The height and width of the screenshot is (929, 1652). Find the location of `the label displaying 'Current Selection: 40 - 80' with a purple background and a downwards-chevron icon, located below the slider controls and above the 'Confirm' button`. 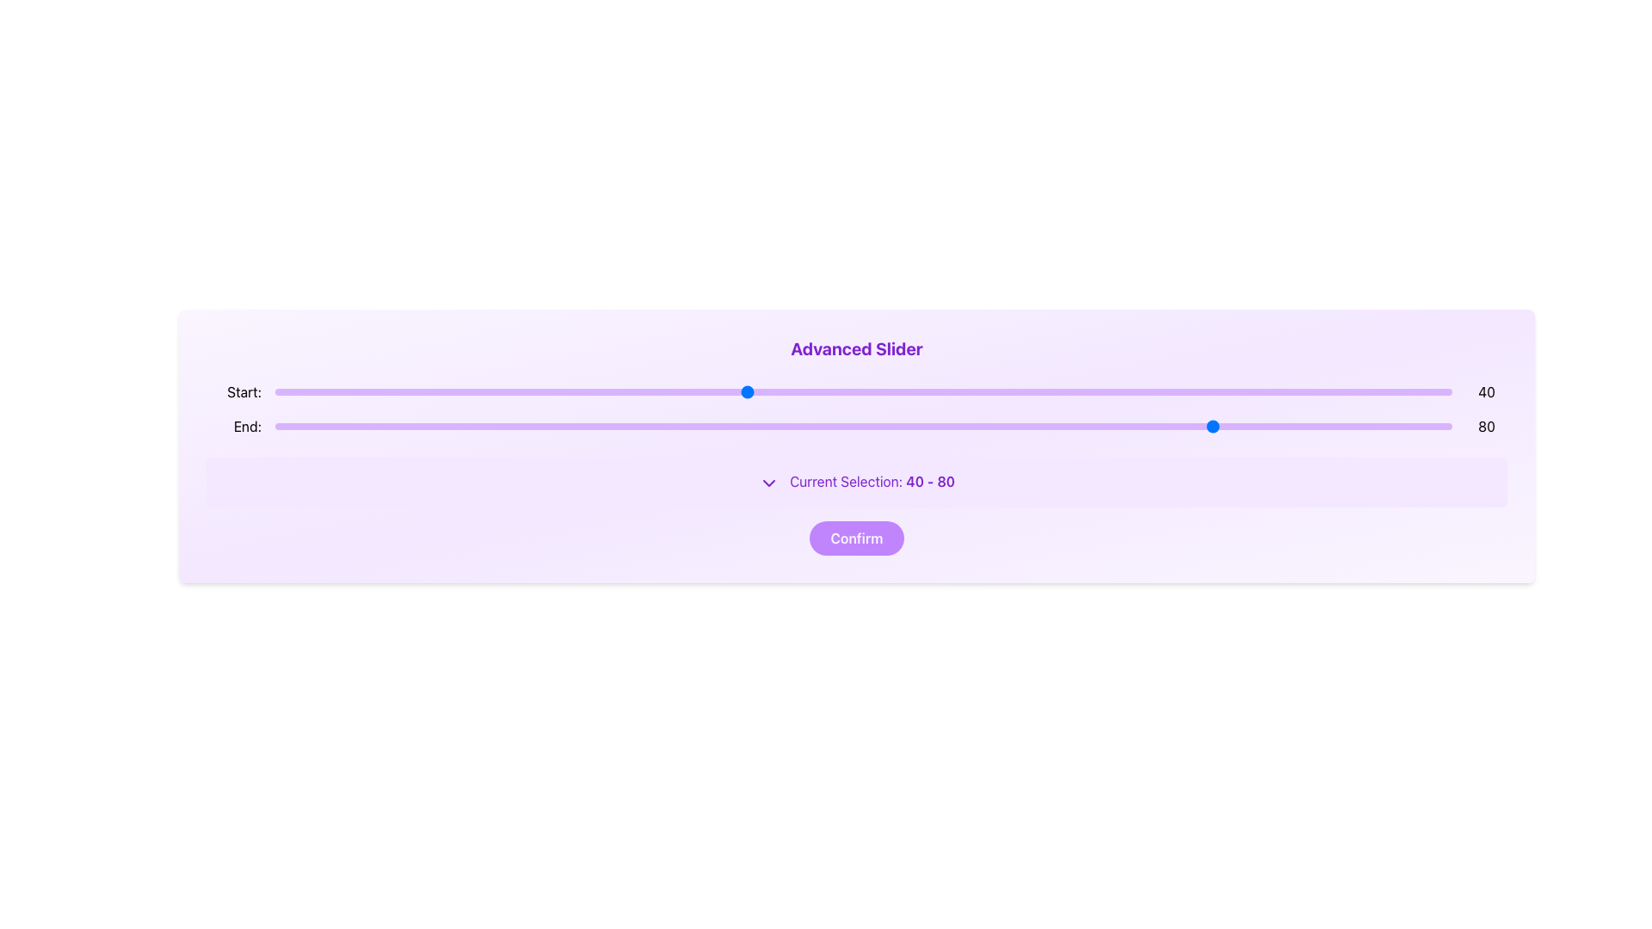

the label displaying 'Current Selection: 40 - 80' with a purple background and a downwards-chevron icon, located below the slider controls and above the 'Confirm' button is located at coordinates (857, 481).